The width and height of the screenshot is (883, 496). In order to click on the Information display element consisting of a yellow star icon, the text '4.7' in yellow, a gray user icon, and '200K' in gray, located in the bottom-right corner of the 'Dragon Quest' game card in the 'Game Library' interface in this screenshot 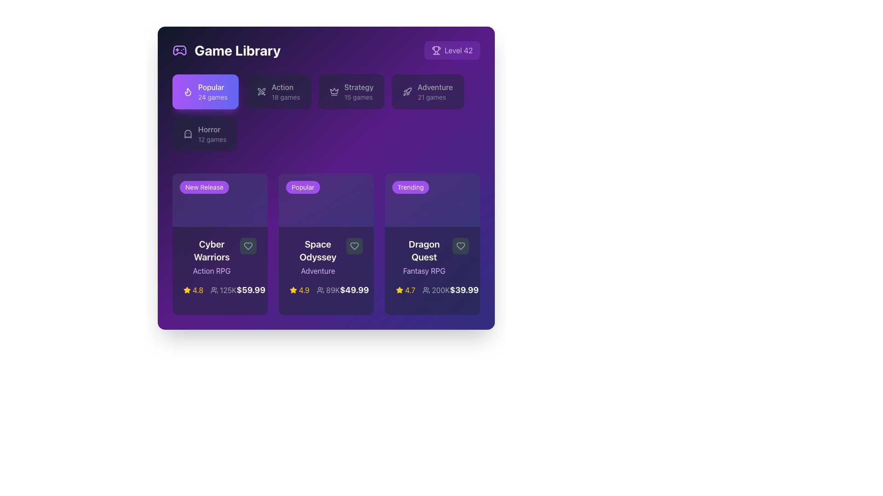, I will do `click(422, 290)`.